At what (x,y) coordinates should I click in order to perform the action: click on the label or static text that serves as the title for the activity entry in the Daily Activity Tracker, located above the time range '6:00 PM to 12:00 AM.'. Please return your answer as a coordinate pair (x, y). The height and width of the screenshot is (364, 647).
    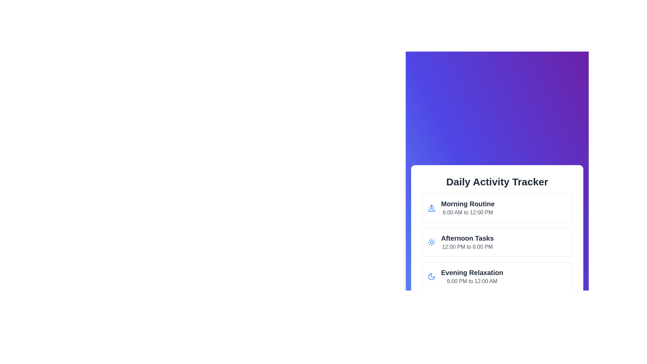
    Looking at the image, I should click on (472, 272).